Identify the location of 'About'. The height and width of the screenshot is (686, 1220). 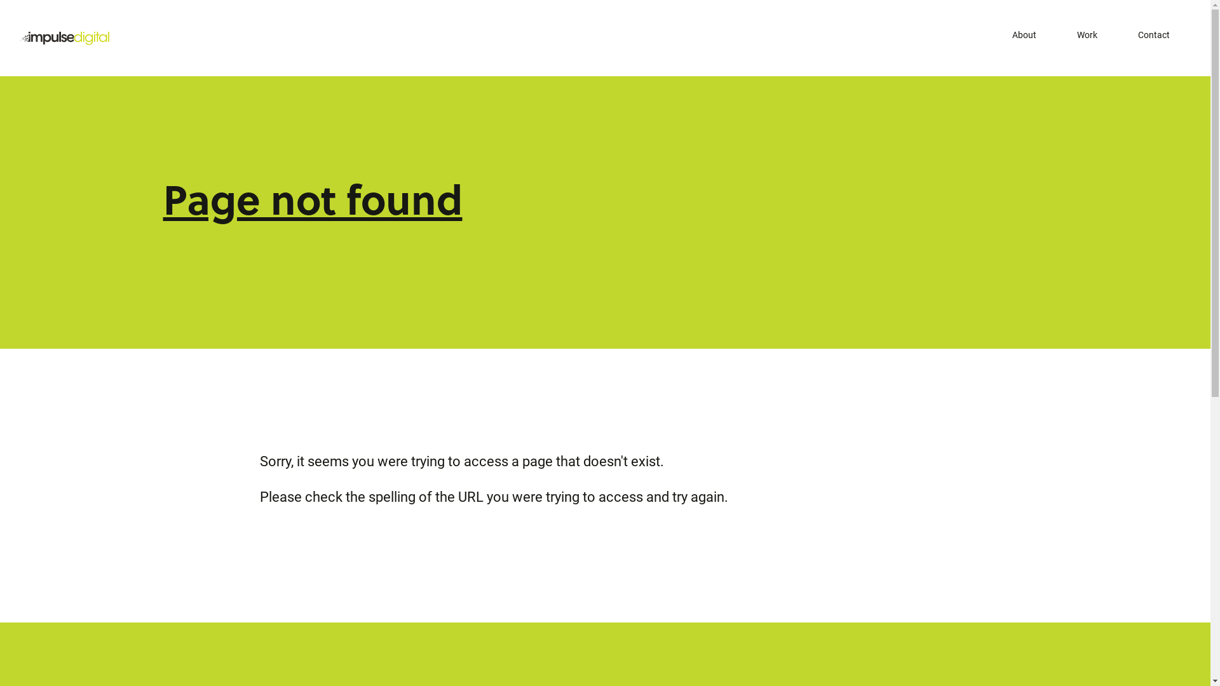
(1024, 33).